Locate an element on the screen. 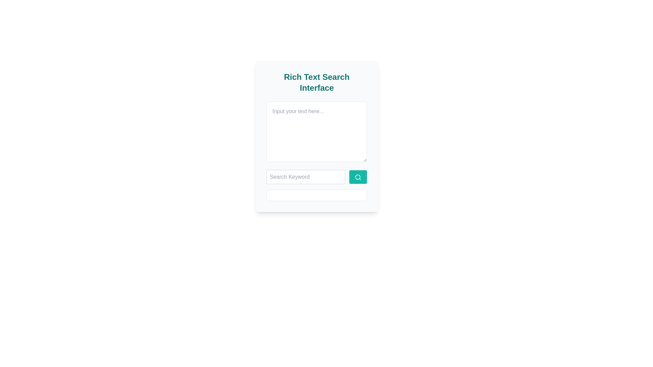 This screenshot has width=653, height=367. the text input field labeled 'Search Keyword' located within the 'Rich Text Search Interface' group, positioned centrally beneath the larger input area is located at coordinates (316, 176).